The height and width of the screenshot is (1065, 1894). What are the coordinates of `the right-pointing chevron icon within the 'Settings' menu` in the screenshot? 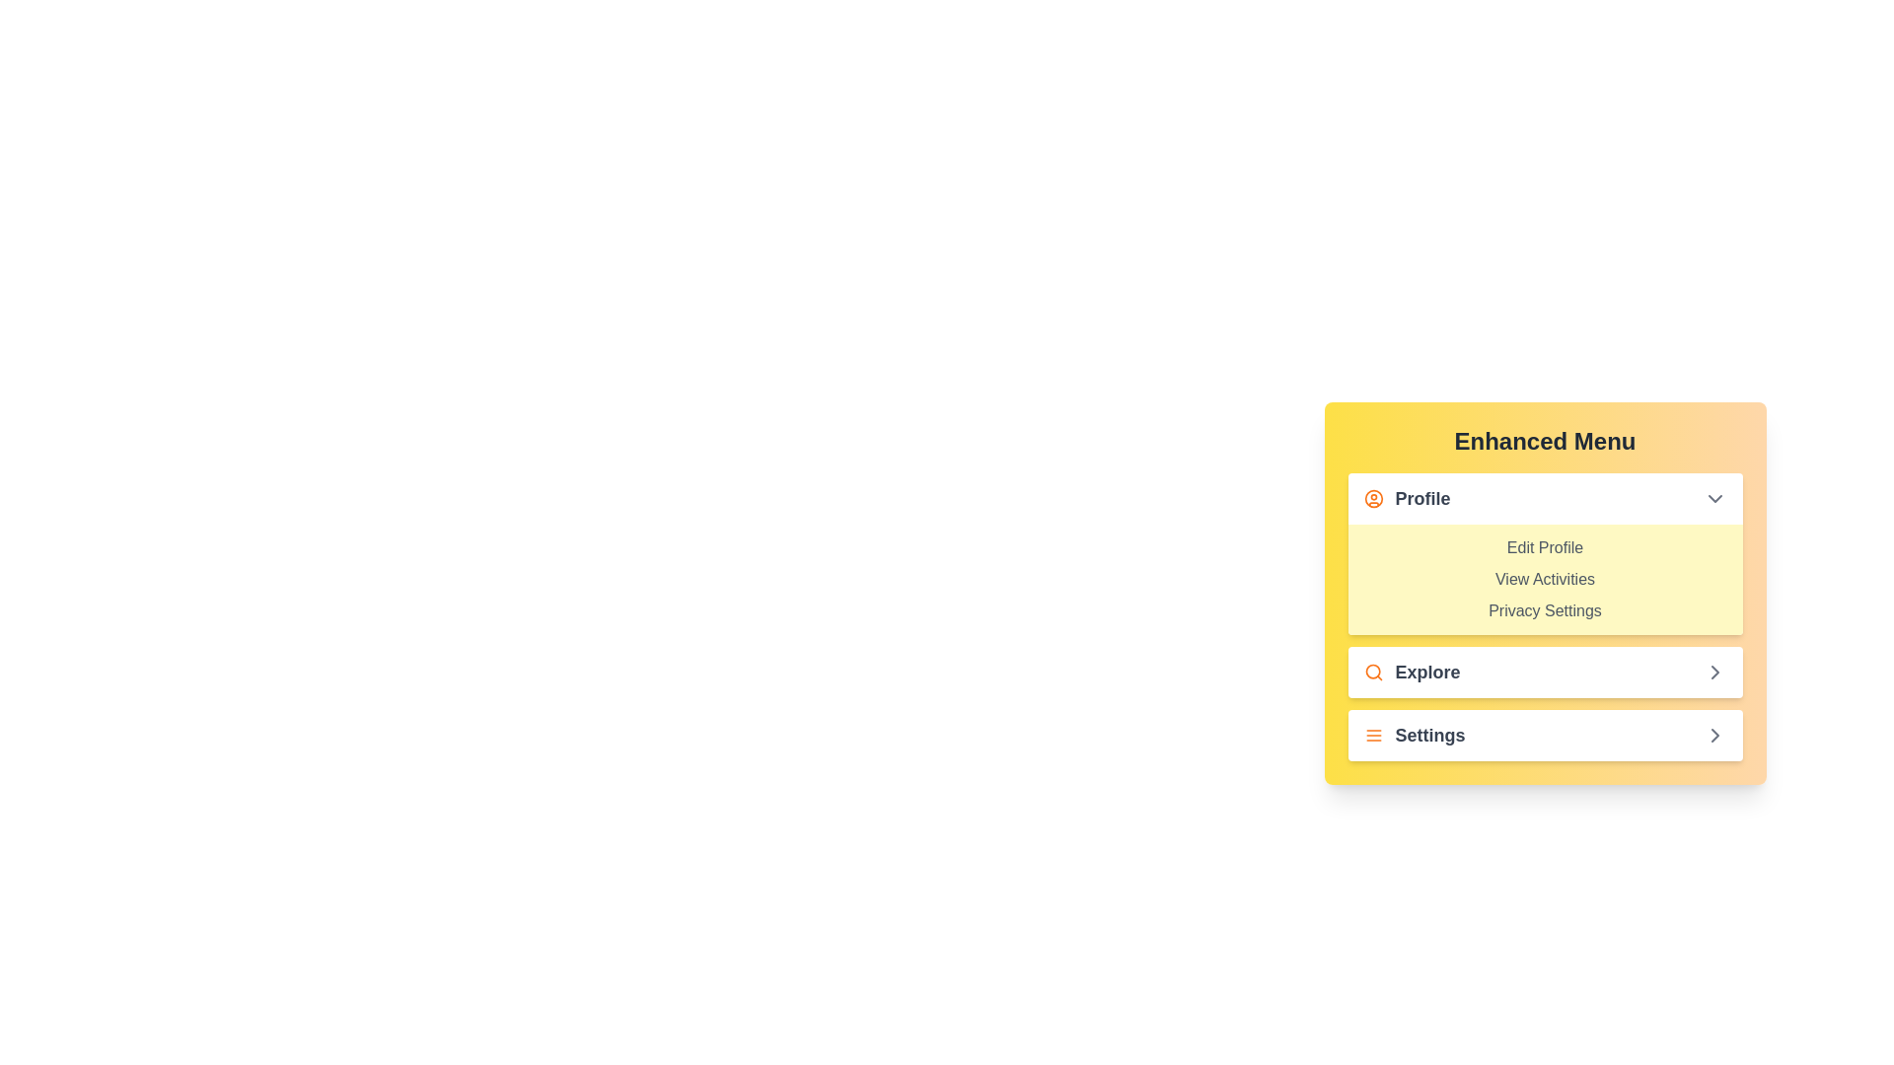 It's located at (1713, 735).